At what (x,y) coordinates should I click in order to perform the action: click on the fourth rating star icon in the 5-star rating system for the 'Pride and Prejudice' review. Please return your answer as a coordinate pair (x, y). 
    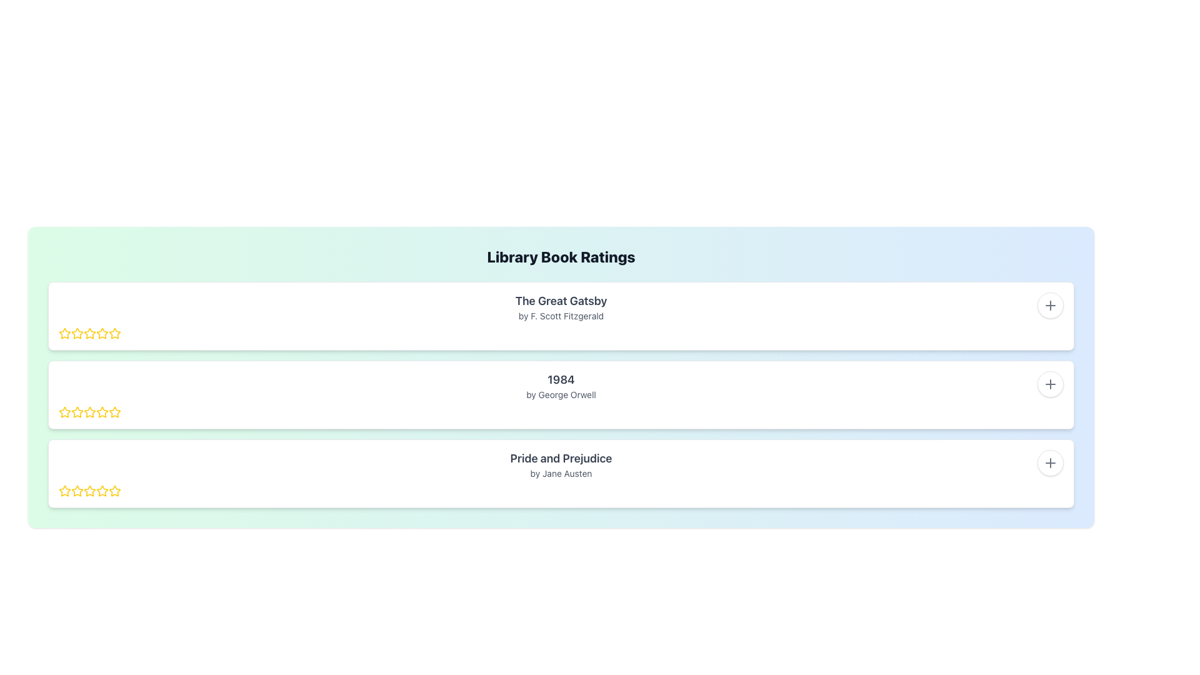
    Looking at the image, I should click on (89, 491).